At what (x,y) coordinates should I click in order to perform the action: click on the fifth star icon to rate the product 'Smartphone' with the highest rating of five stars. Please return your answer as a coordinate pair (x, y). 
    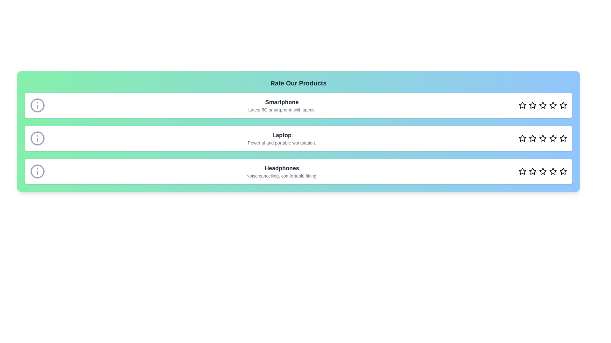
    Looking at the image, I should click on (563, 105).